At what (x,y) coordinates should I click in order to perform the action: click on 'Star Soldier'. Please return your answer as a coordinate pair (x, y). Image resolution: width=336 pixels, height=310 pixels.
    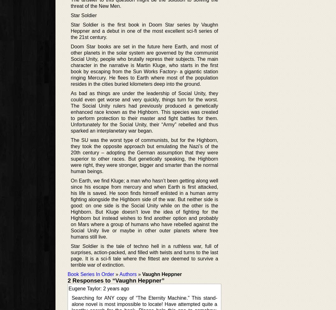
    Looking at the image, I should click on (83, 15).